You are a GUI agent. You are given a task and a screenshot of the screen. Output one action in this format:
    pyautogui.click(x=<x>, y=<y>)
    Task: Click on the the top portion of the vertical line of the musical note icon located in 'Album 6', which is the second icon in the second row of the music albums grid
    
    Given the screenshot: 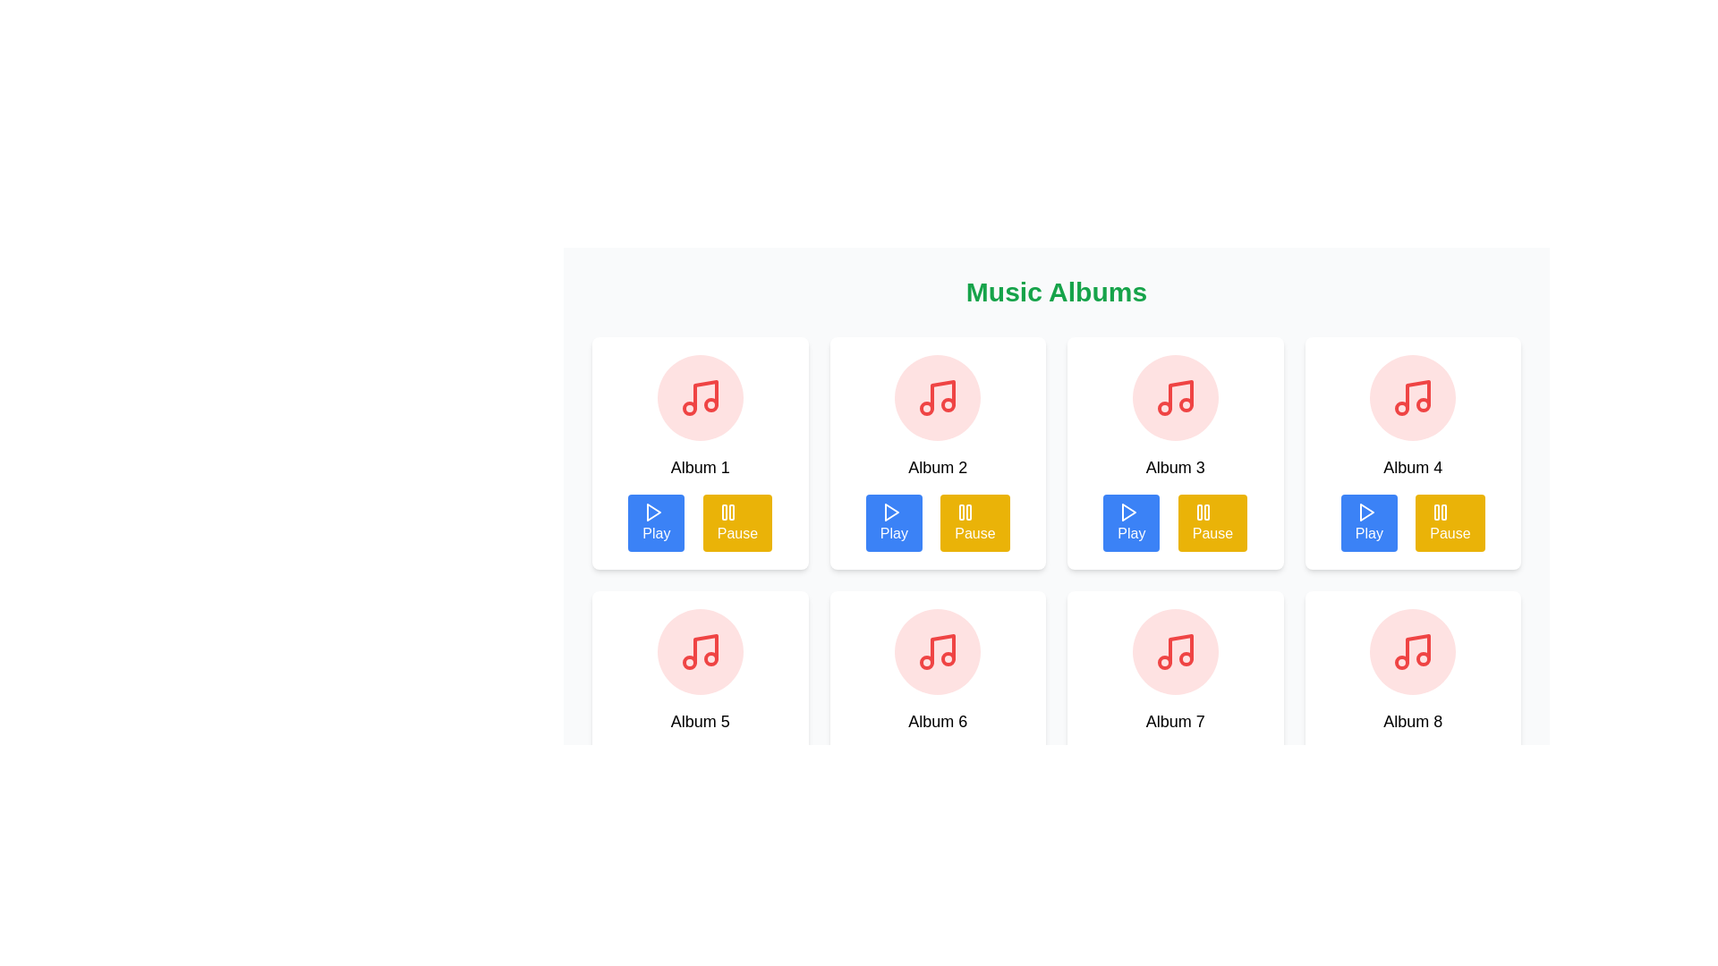 What is the action you would take?
    pyautogui.click(x=942, y=648)
    